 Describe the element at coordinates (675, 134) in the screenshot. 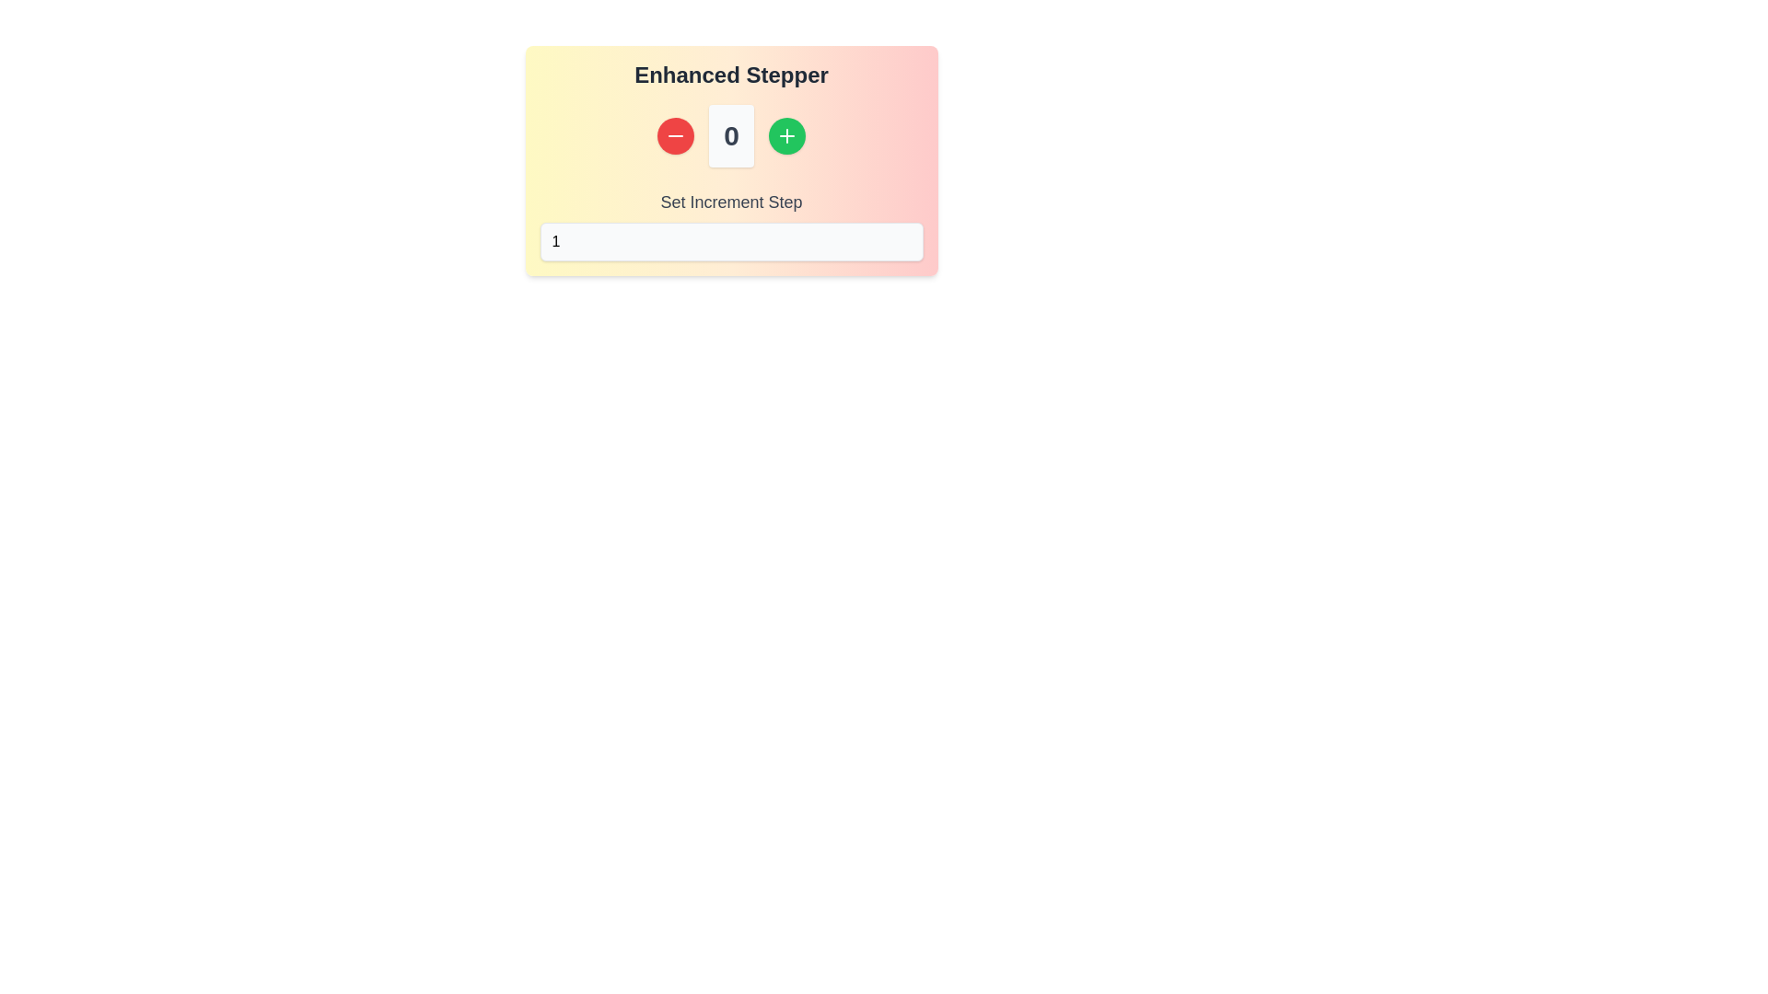

I see `the circular red button with a minus symbol in the 'Enhanced Stepper' control panel` at that location.